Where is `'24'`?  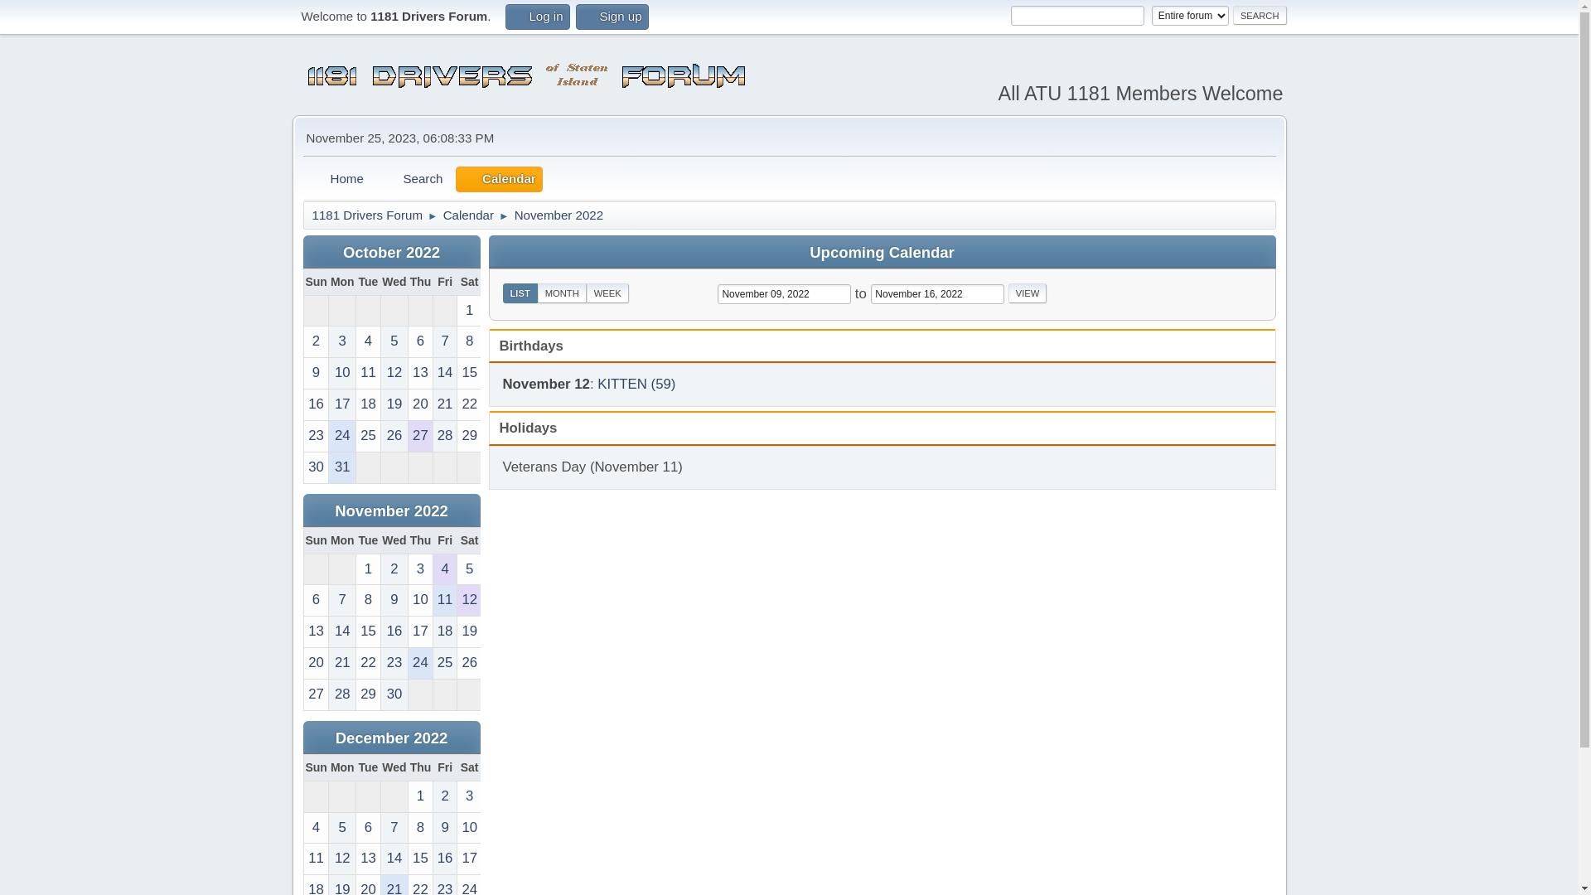
'24' is located at coordinates (341, 435).